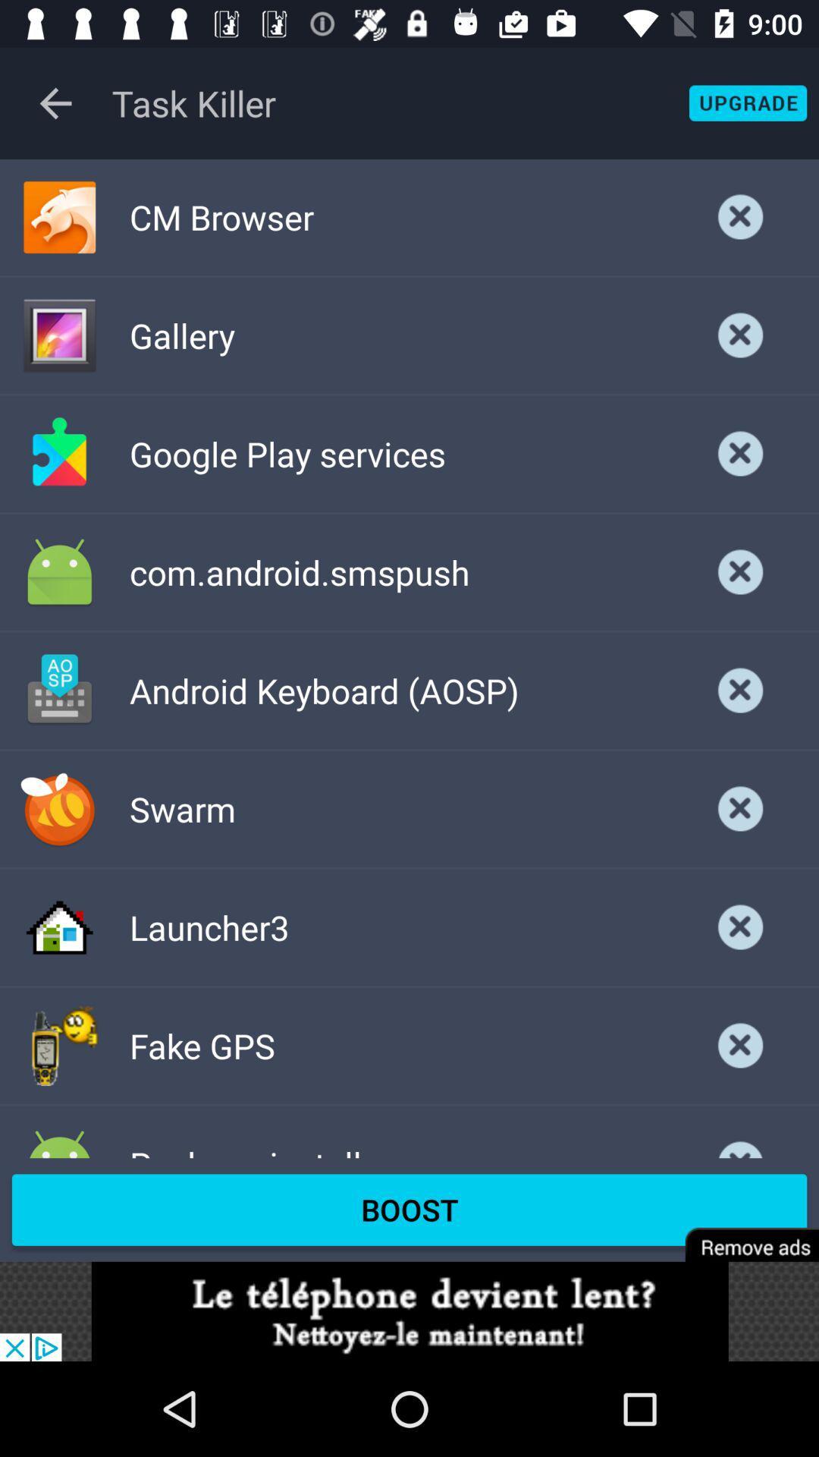 This screenshot has height=1457, width=819. What do you see at coordinates (740, 1137) in the screenshot?
I see `delete this option` at bounding box center [740, 1137].